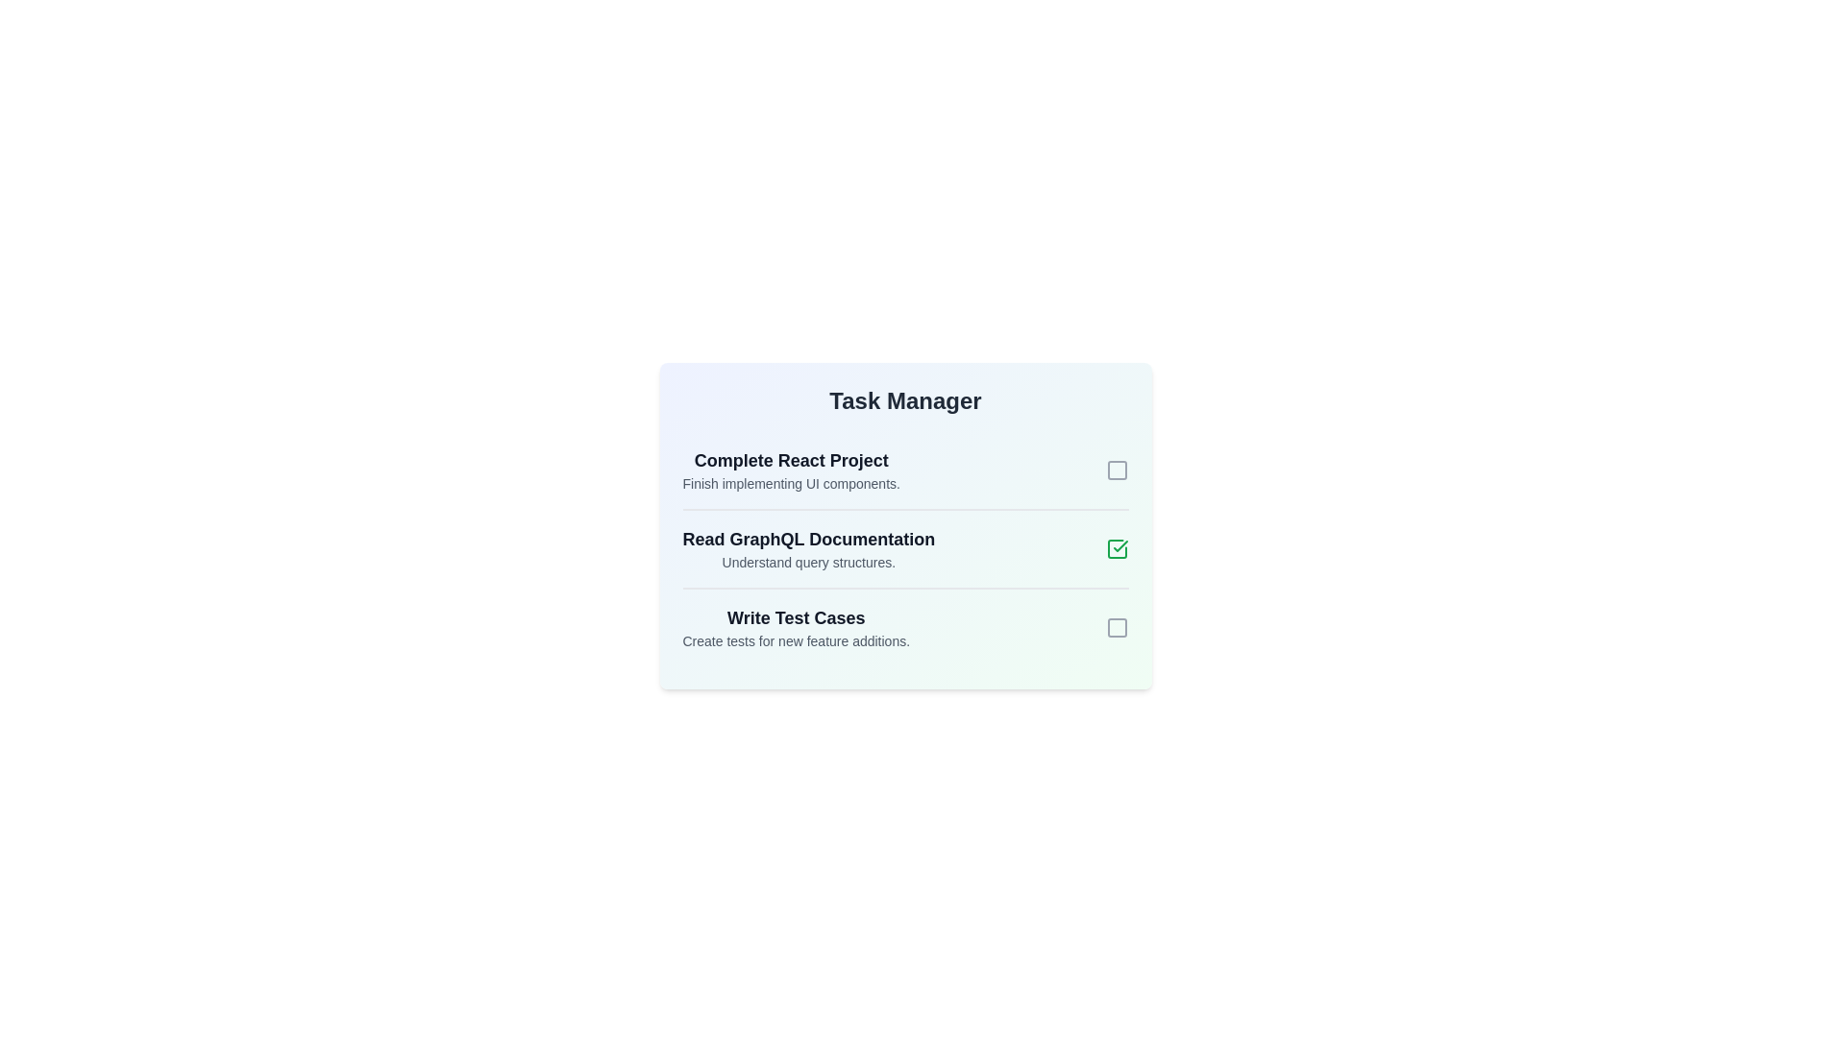  Describe the element at coordinates (904, 527) in the screenshot. I see `the task list container to focus on it` at that location.